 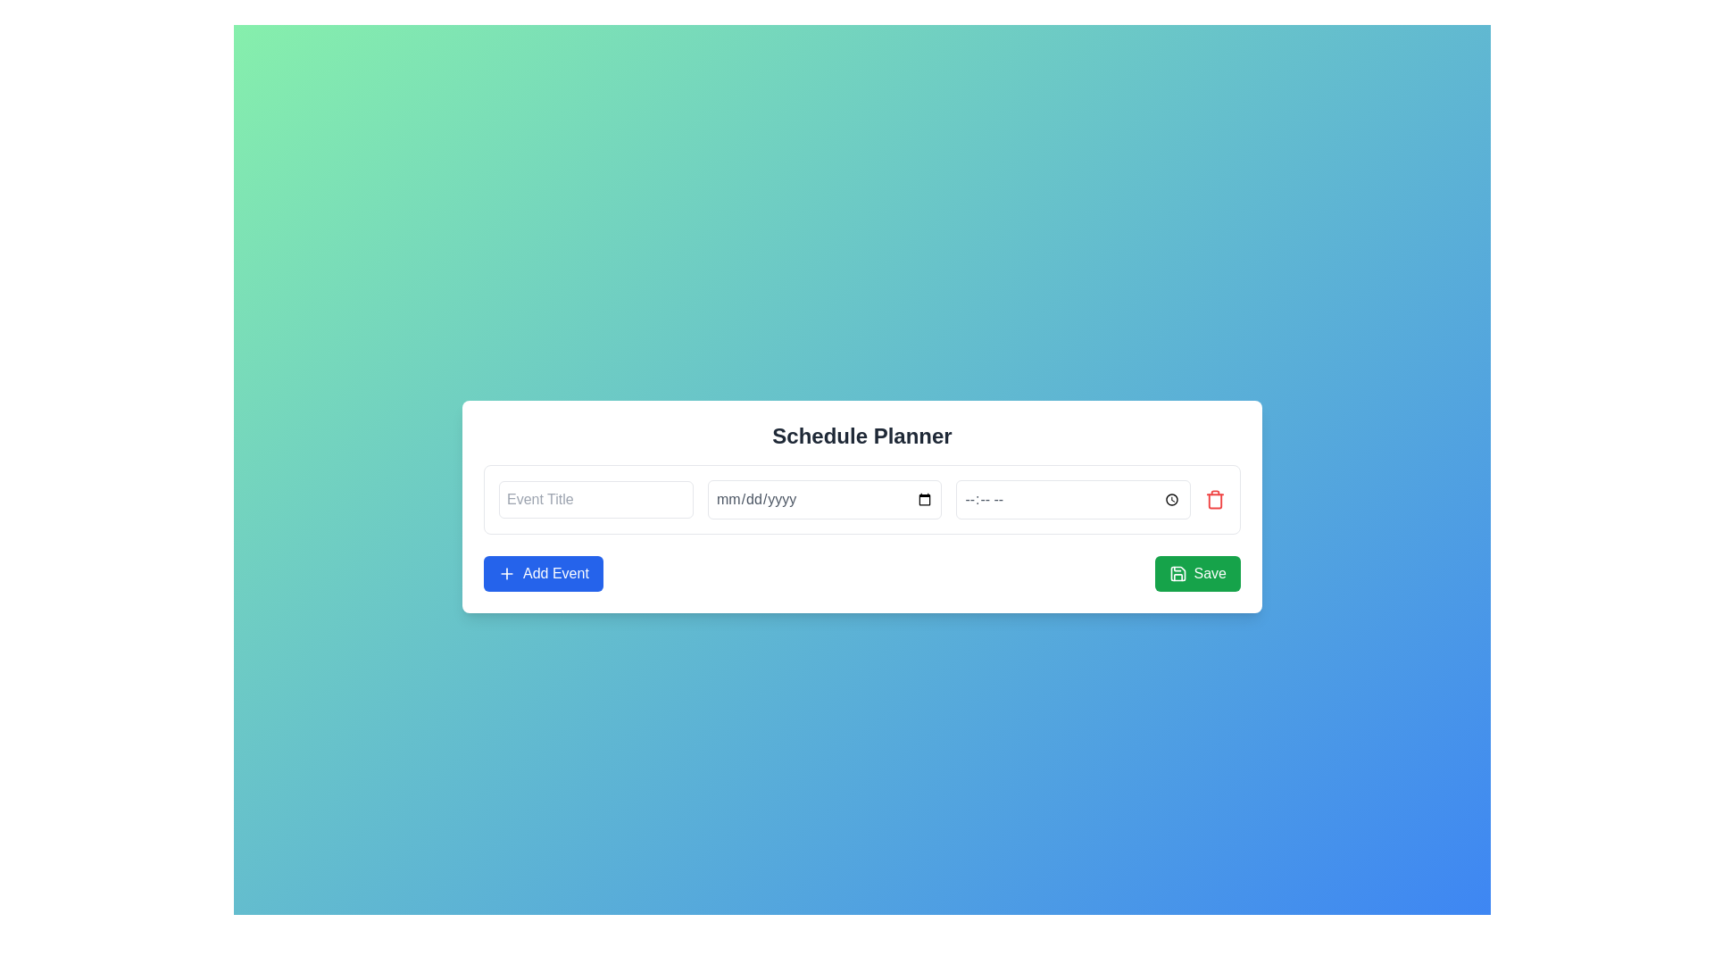 I want to click on 'Add Event' icon located to the left of the text 'Add Event' within the blue button on the lower left section of the white panel, so click(x=505, y=574).